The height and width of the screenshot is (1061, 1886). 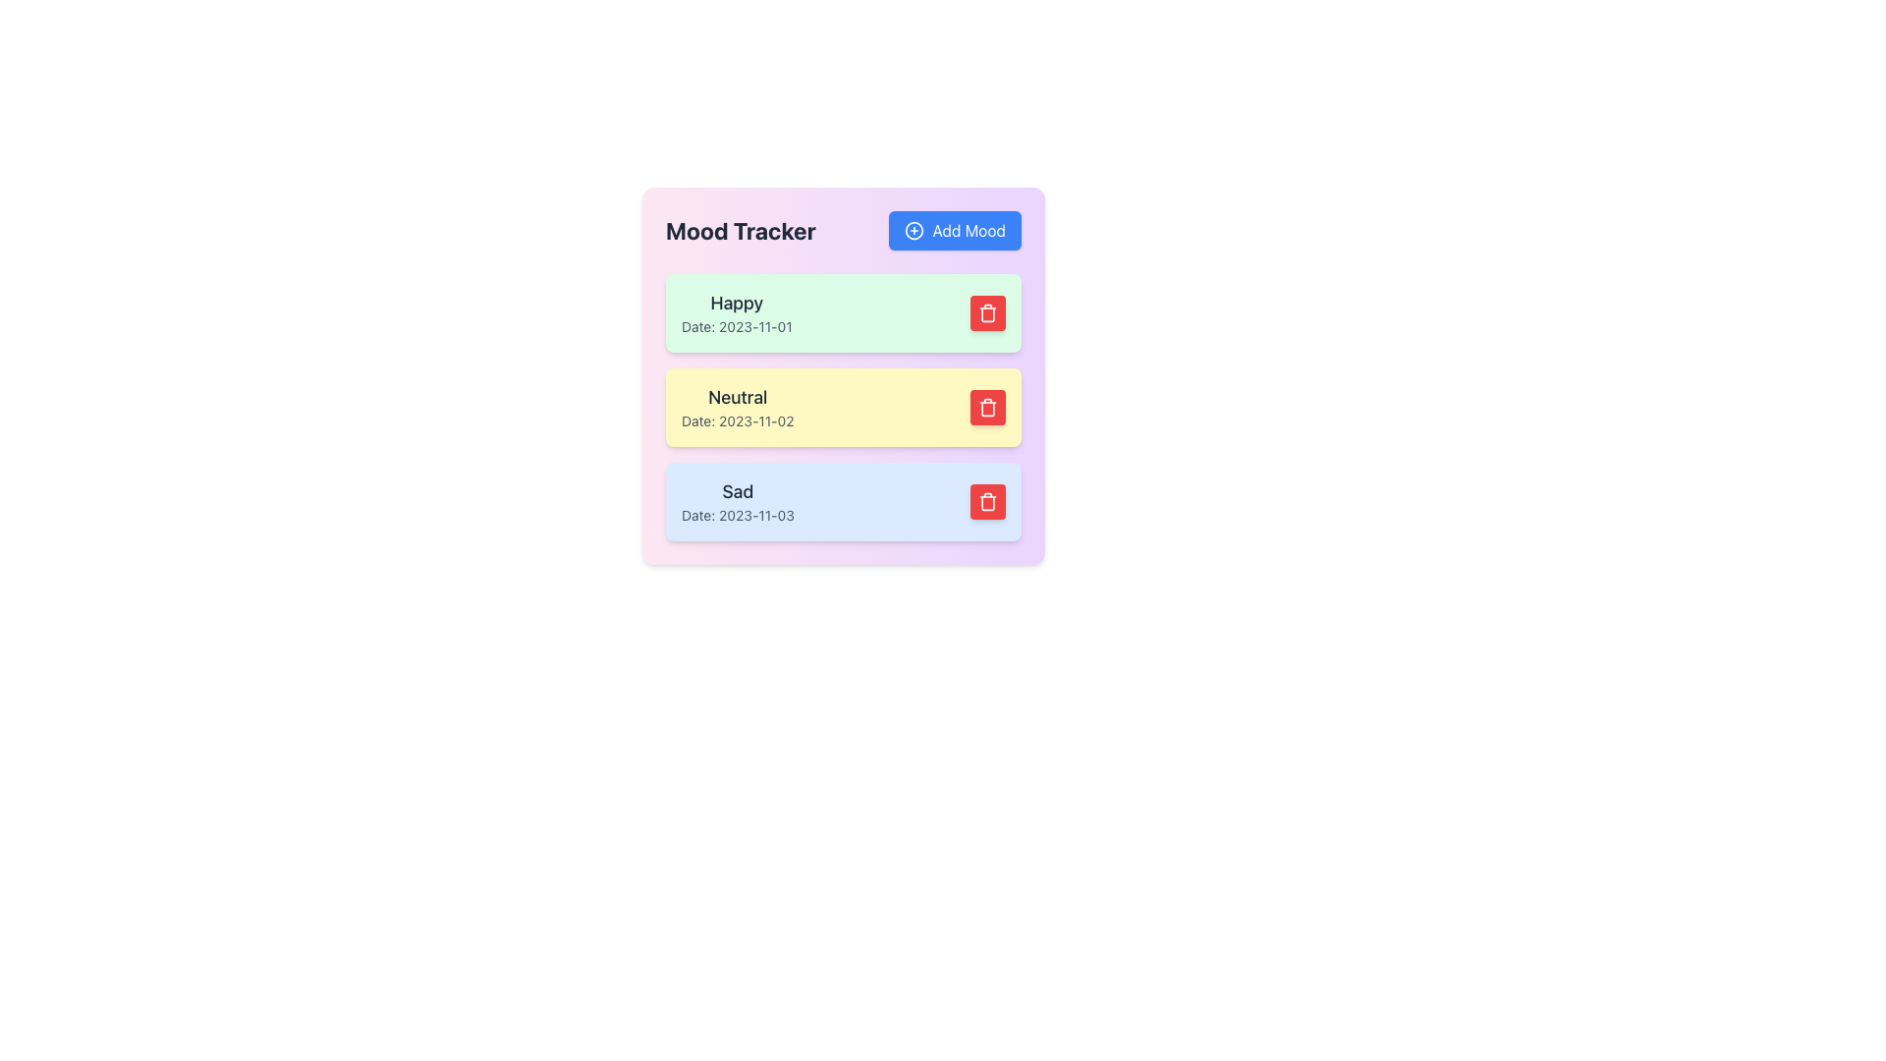 I want to click on the trash can icon button located at the right end of the third row in the Mood Tracker panel, so click(x=988, y=312).